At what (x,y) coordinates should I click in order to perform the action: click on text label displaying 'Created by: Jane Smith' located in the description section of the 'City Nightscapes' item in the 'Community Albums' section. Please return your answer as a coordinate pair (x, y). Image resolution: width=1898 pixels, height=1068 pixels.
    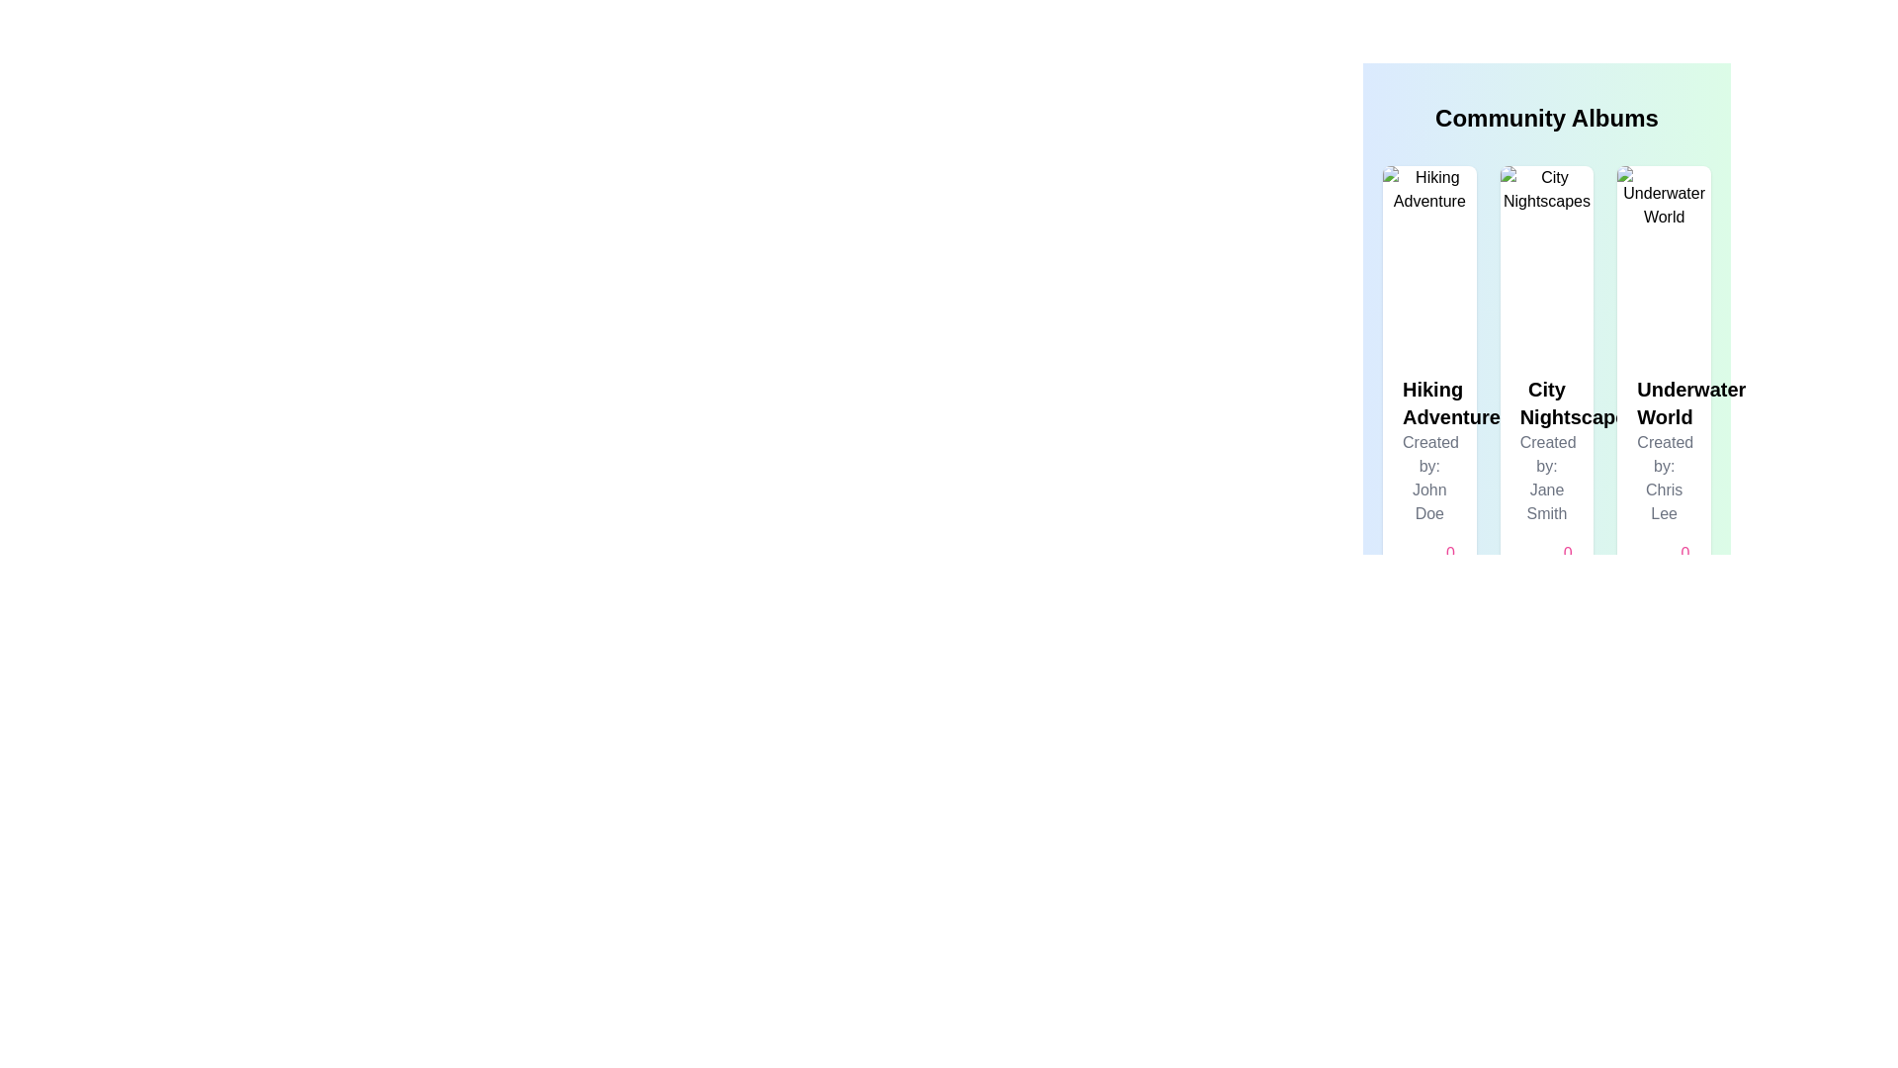
    Looking at the image, I should click on (1545, 478).